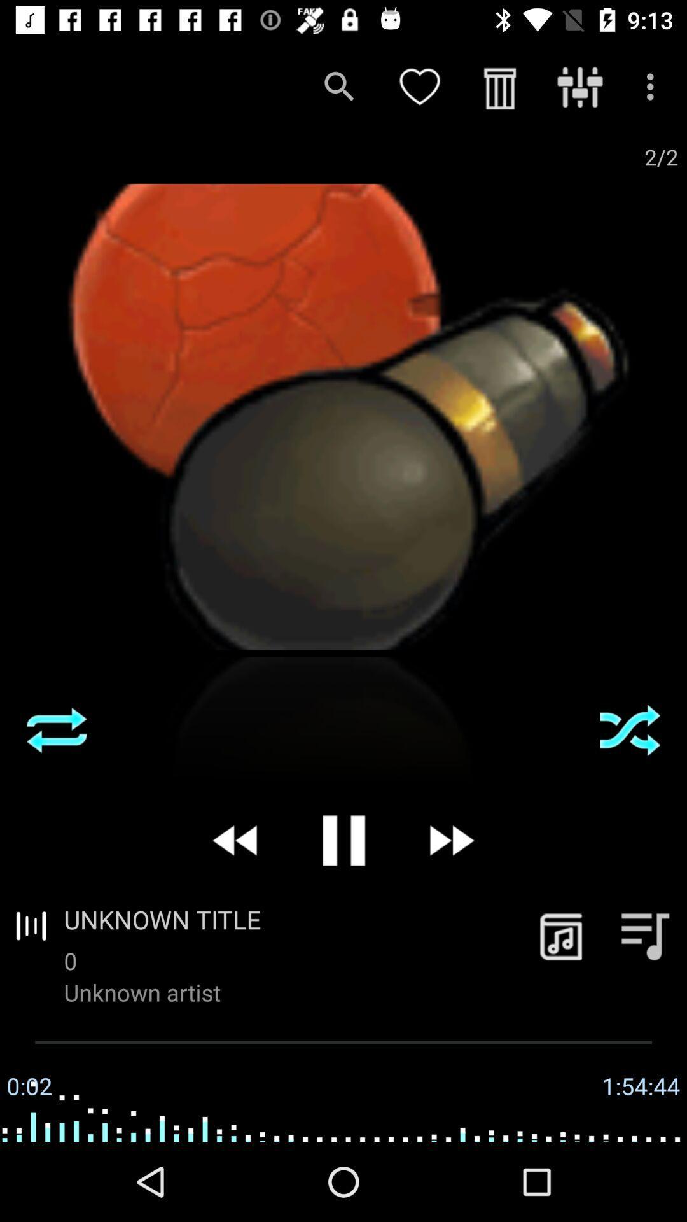 The height and width of the screenshot is (1222, 687). Describe the element at coordinates (630, 730) in the screenshot. I see `press the shuffle` at that location.